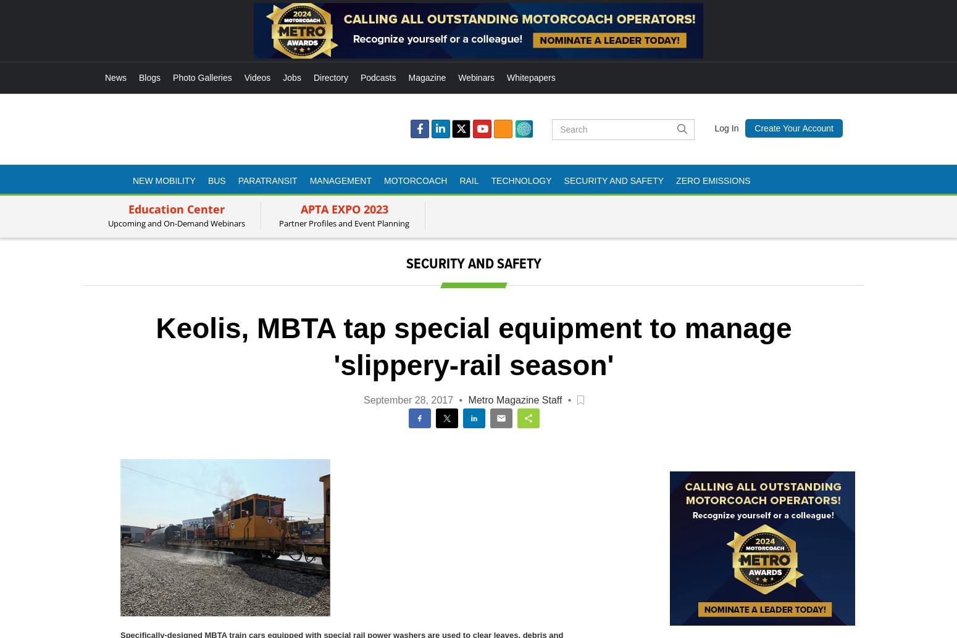  What do you see at coordinates (128, 209) in the screenshot?
I see `'Education Center'` at bounding box center [128, 209].